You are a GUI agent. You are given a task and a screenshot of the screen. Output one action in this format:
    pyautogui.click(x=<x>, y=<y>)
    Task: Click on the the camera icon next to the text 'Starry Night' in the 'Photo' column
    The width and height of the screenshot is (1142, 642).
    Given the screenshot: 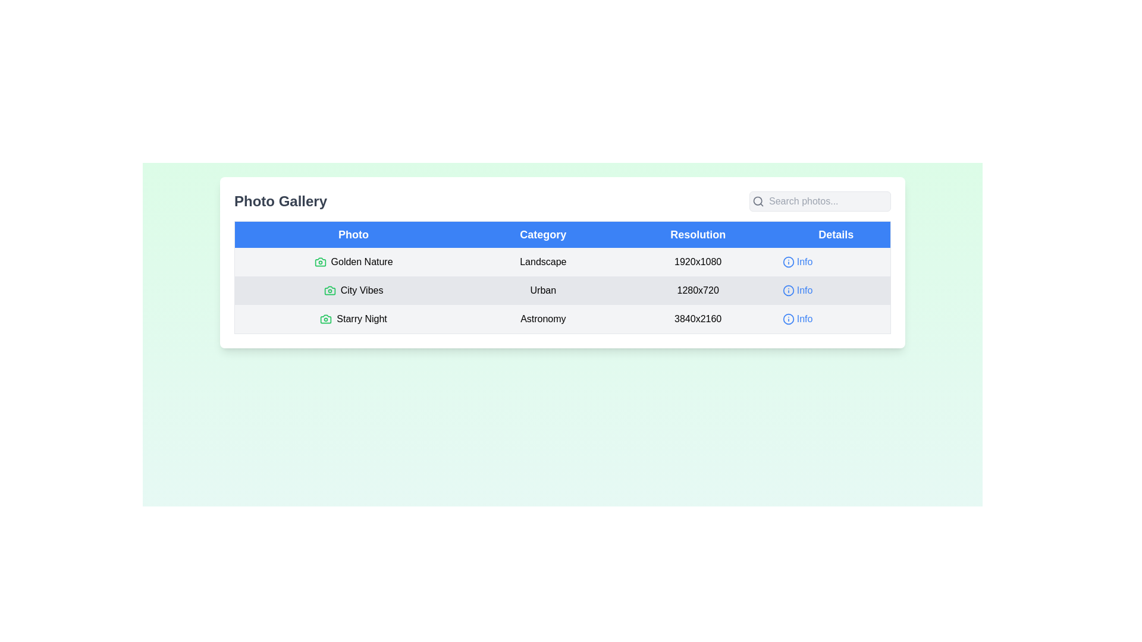 What is the action you would take?
    pyautogui.click(x=353, y=319)
    